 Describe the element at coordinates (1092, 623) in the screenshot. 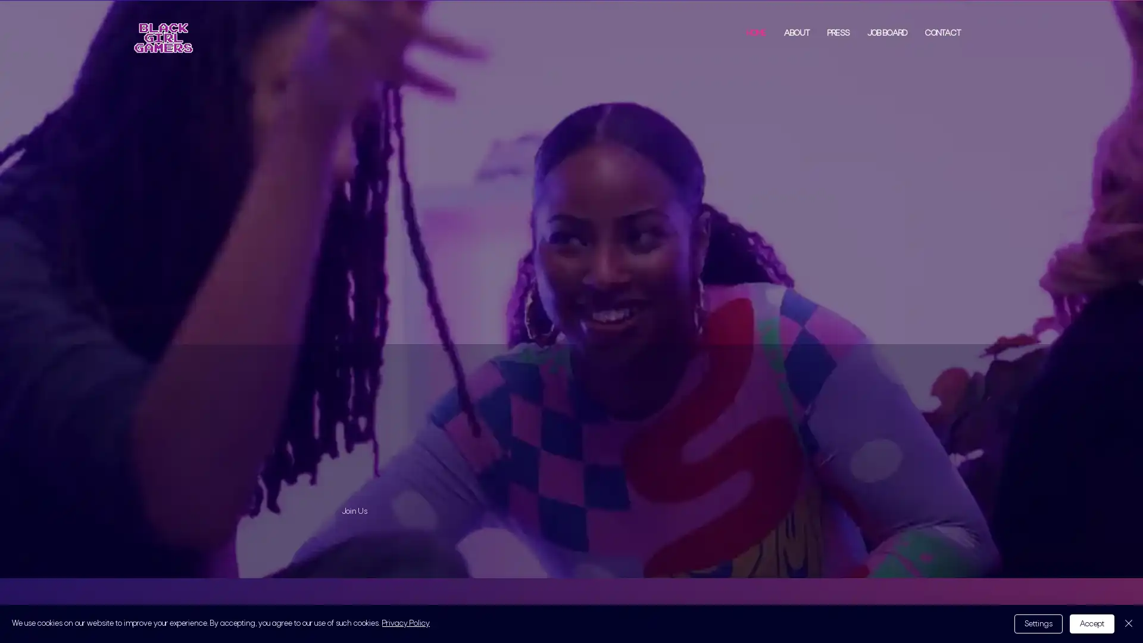

I see `Accept` at that location.